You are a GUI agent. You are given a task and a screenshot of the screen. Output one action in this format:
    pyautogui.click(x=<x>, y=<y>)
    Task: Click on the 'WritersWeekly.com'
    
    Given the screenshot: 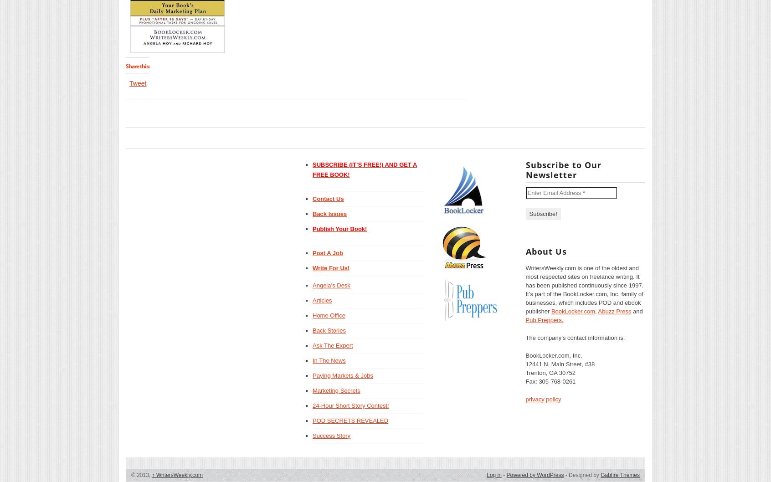 What is the action you would take?
    pyautogui.click(x=178, y=474)
    